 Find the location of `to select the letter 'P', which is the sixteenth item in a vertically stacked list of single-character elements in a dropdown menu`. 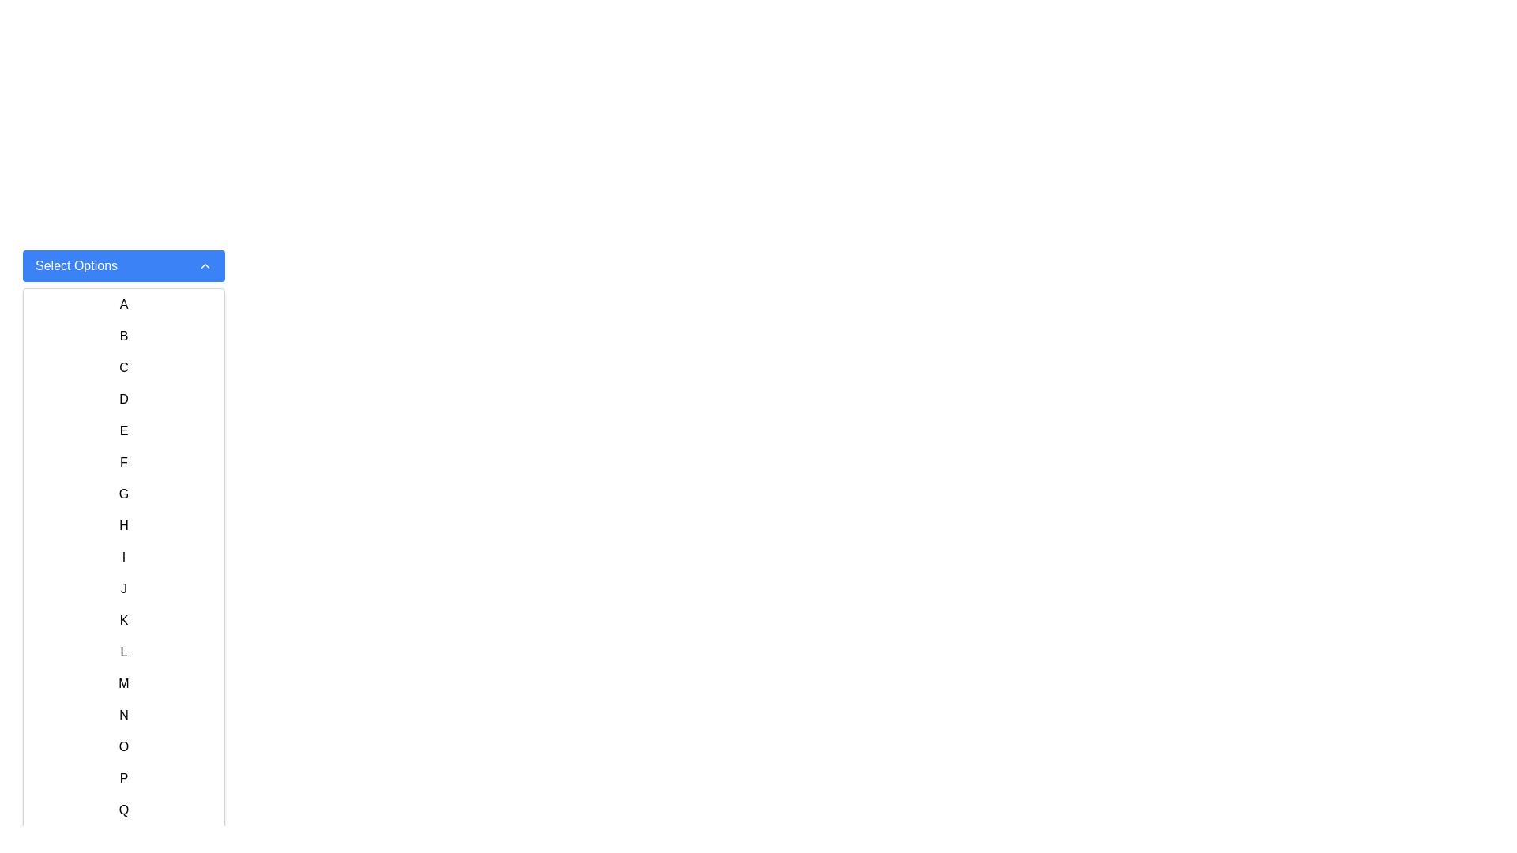

to select the letter 'P', which is the sixteenth item in a vertically stacked list of single-character elements in a dropdown menu is located at coordinates (123, 778).